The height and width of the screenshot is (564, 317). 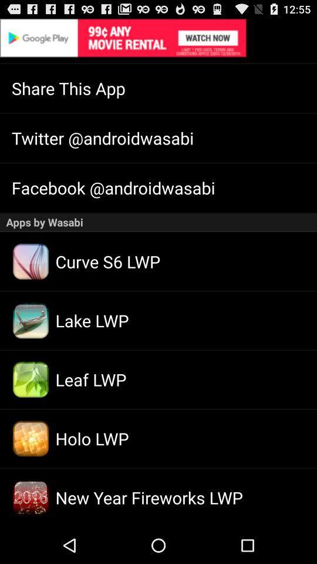 I want to click on try this app, so click(x=158, y=38).